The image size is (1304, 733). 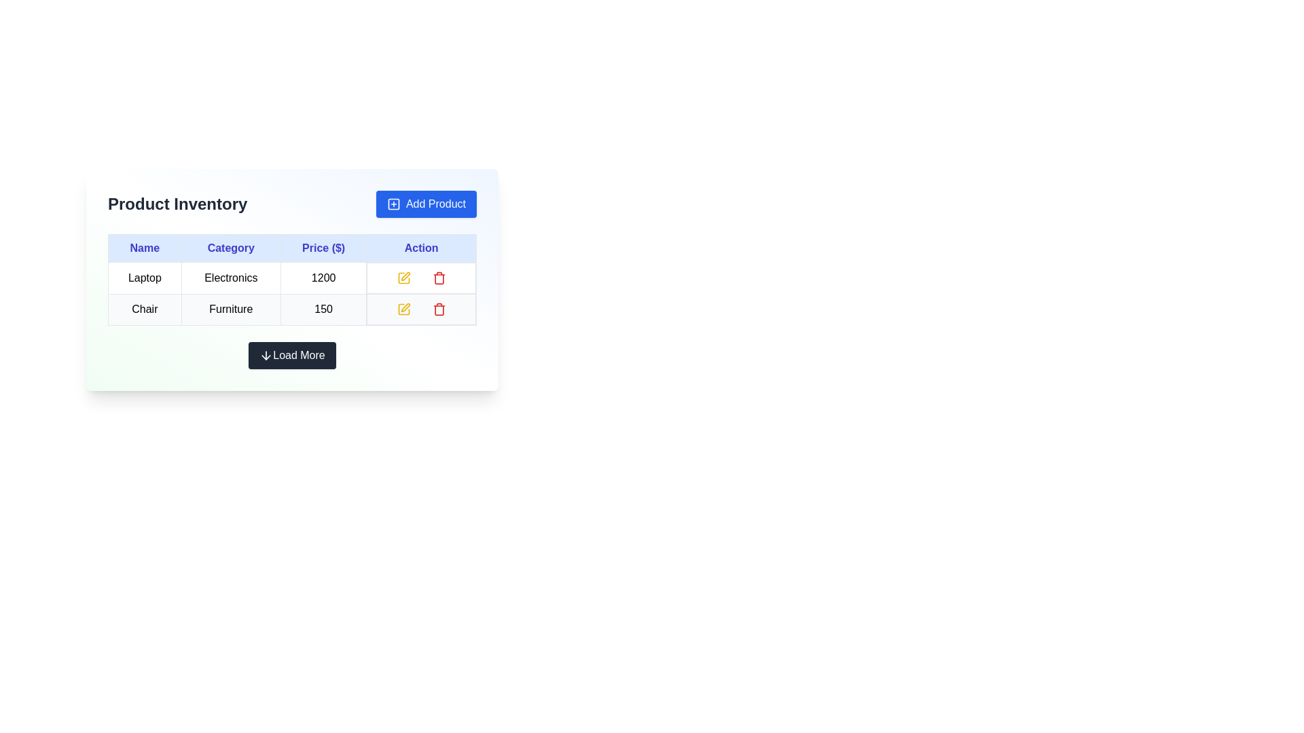 I want to click on the table header cell labeled 'Action' which is the fourth column header in a table, displaying bold dark blue text on a light blue background, so click(x=420, y=248).